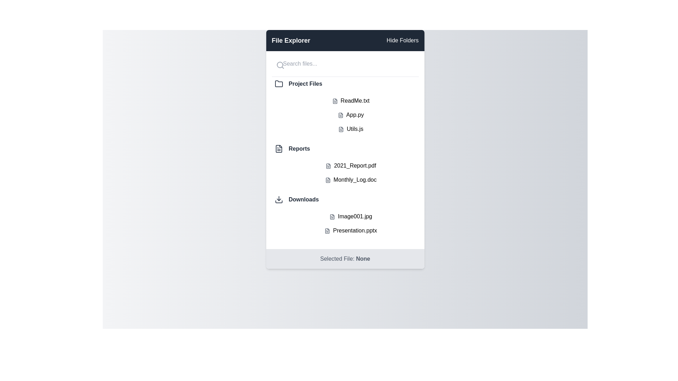 The image size is (678, 381). What do you see at coordinates (351, 115) in the screenshot?
I see `the file named App.py to select it` at bounding box center [351, 115].